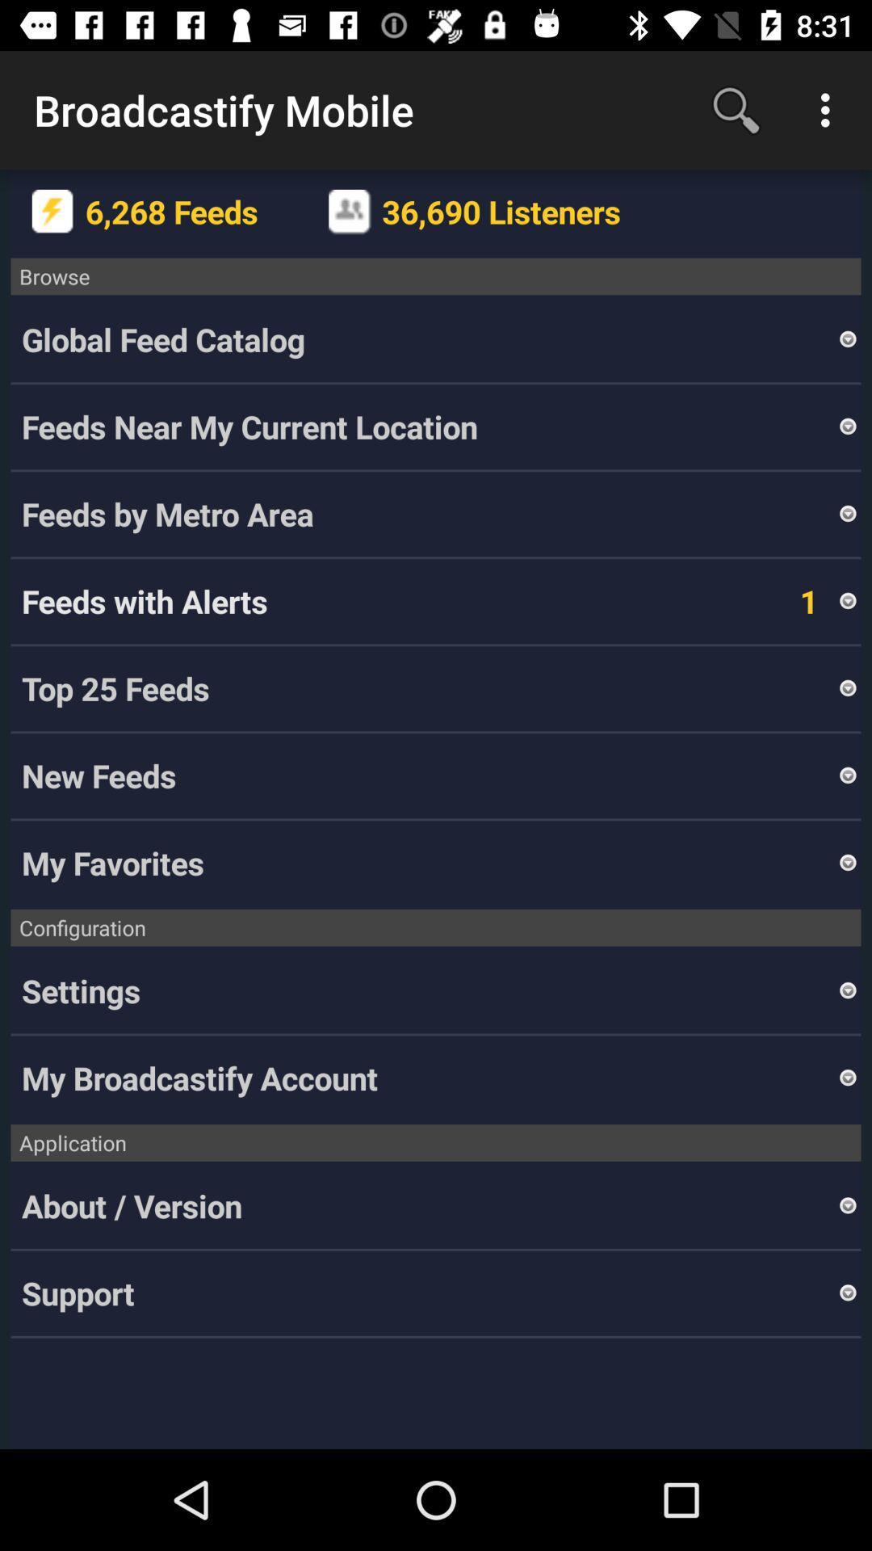 The height and width of the screenshot is (1551, 872). I want to click on item below the settings icon, so click(428, 1078).